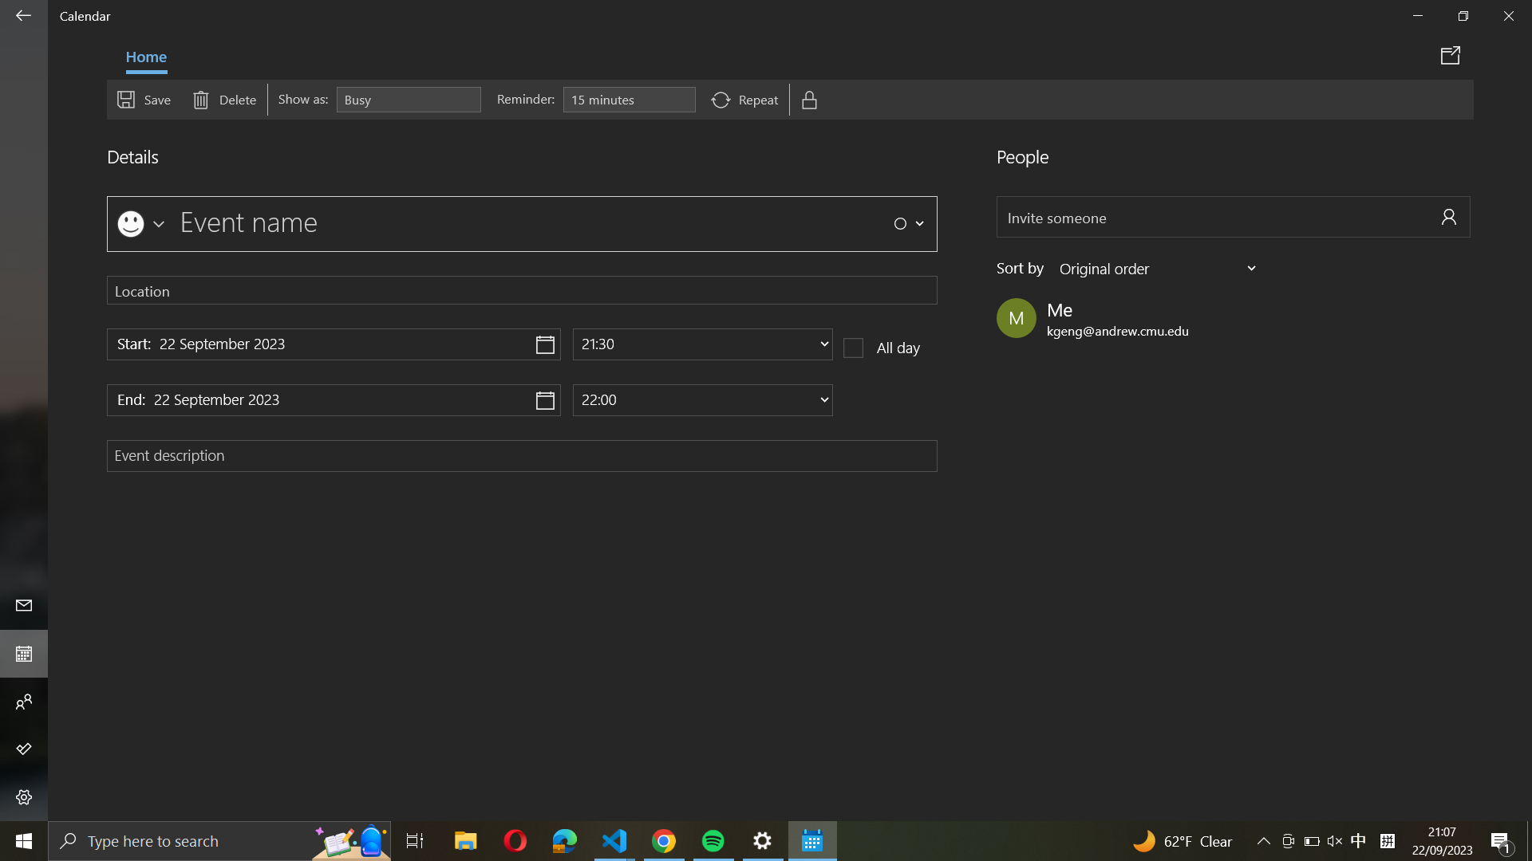 This screenshot has height=861, width=1532. Describe the element at coordinates (1159, 267) in the screenshot. I see `Sort event members by last name` at that location.